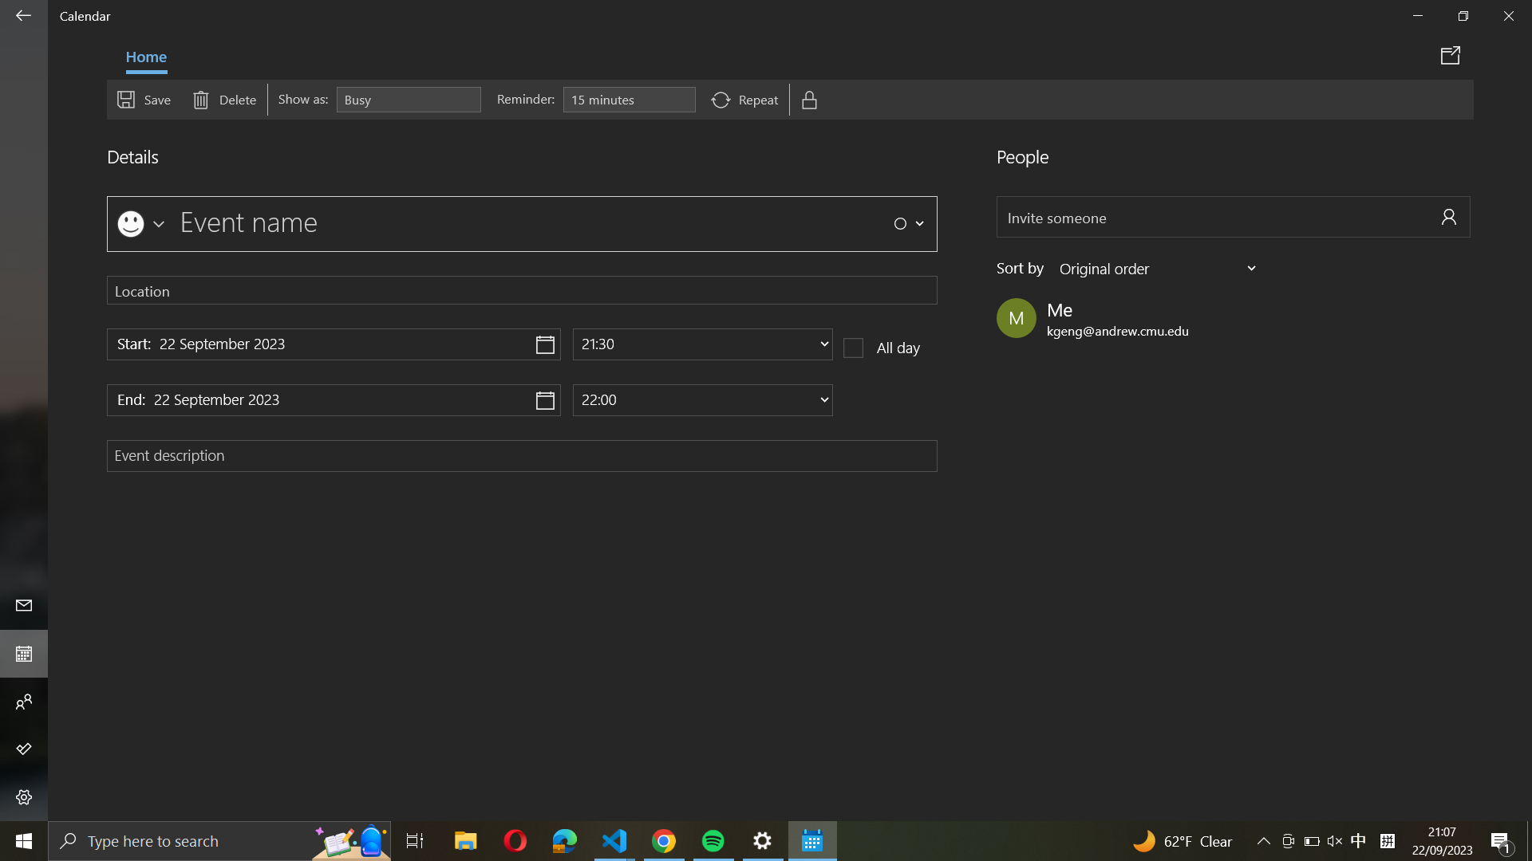 This screenshot has height=861, width=1532. Describe the element at coordinates (1159, 267) in the screenshot. I see `Sort event members by last name` at that location.